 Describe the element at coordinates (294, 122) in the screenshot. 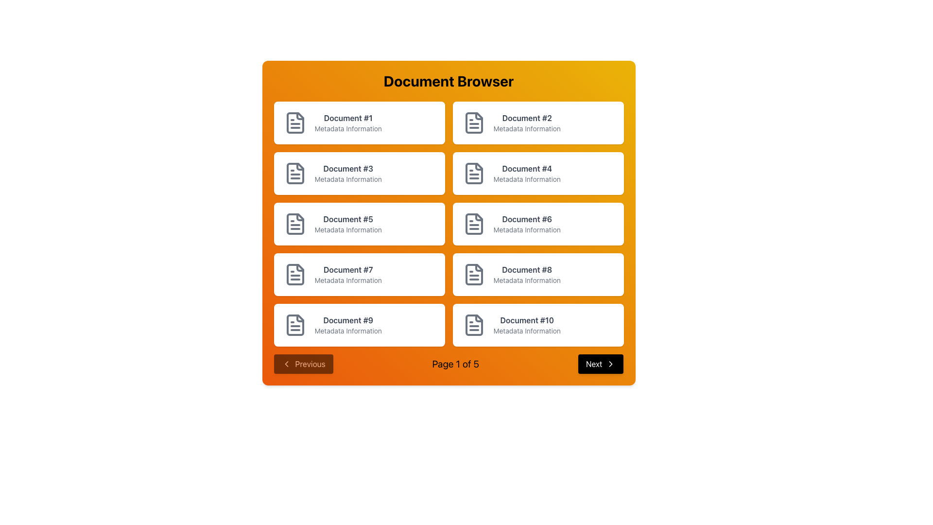

I see `the gray document icon representing 'Document #1' located in the first row of the document list, which features a folded corner and lines indicating text` at that location.